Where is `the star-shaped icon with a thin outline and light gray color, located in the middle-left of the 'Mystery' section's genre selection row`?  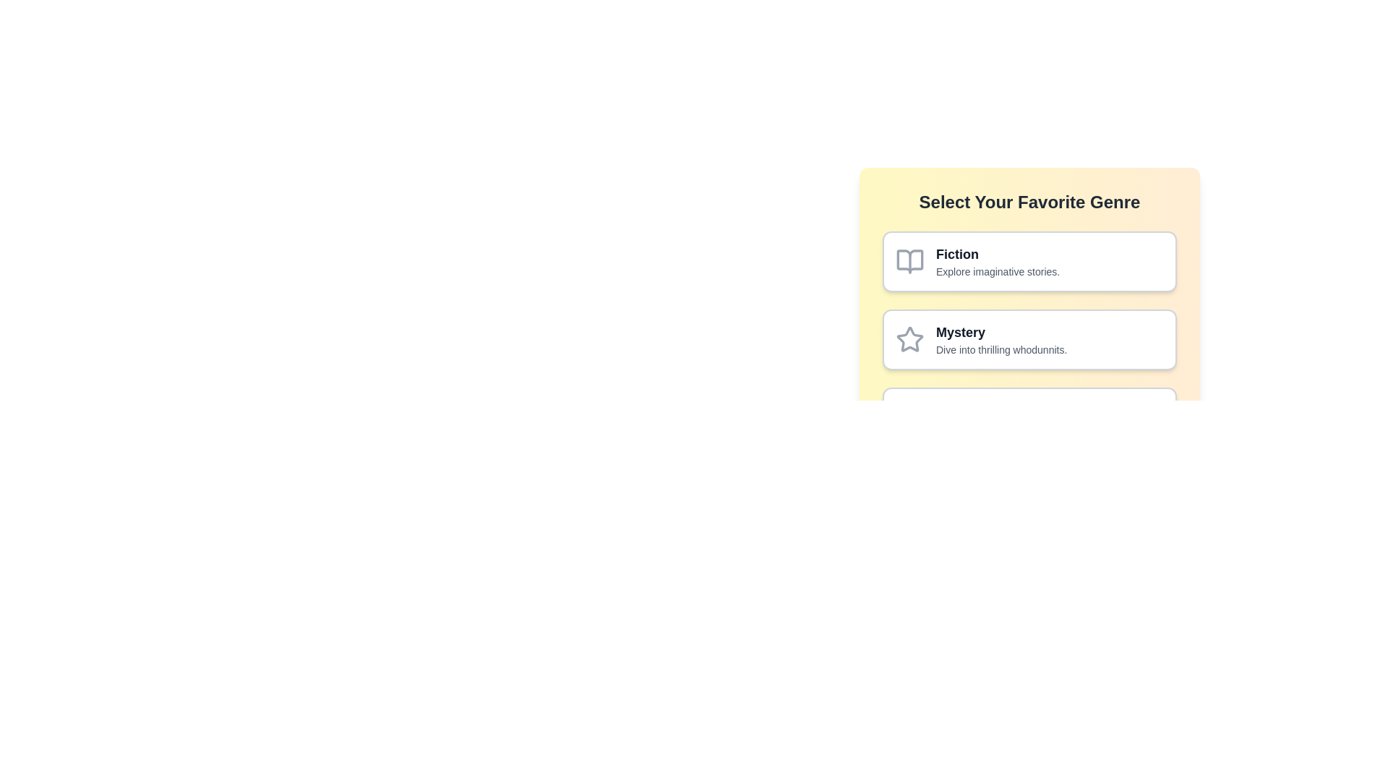 the star-shaped icon with a thin outline and light gray color, located in the middle-left of the 'Mystery' section's genre selection row is located at coordinates (909, 339).